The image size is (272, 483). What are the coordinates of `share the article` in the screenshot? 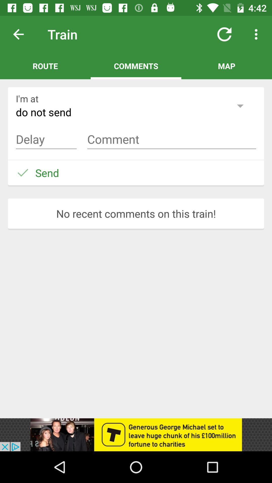 It's located at (136, 434).